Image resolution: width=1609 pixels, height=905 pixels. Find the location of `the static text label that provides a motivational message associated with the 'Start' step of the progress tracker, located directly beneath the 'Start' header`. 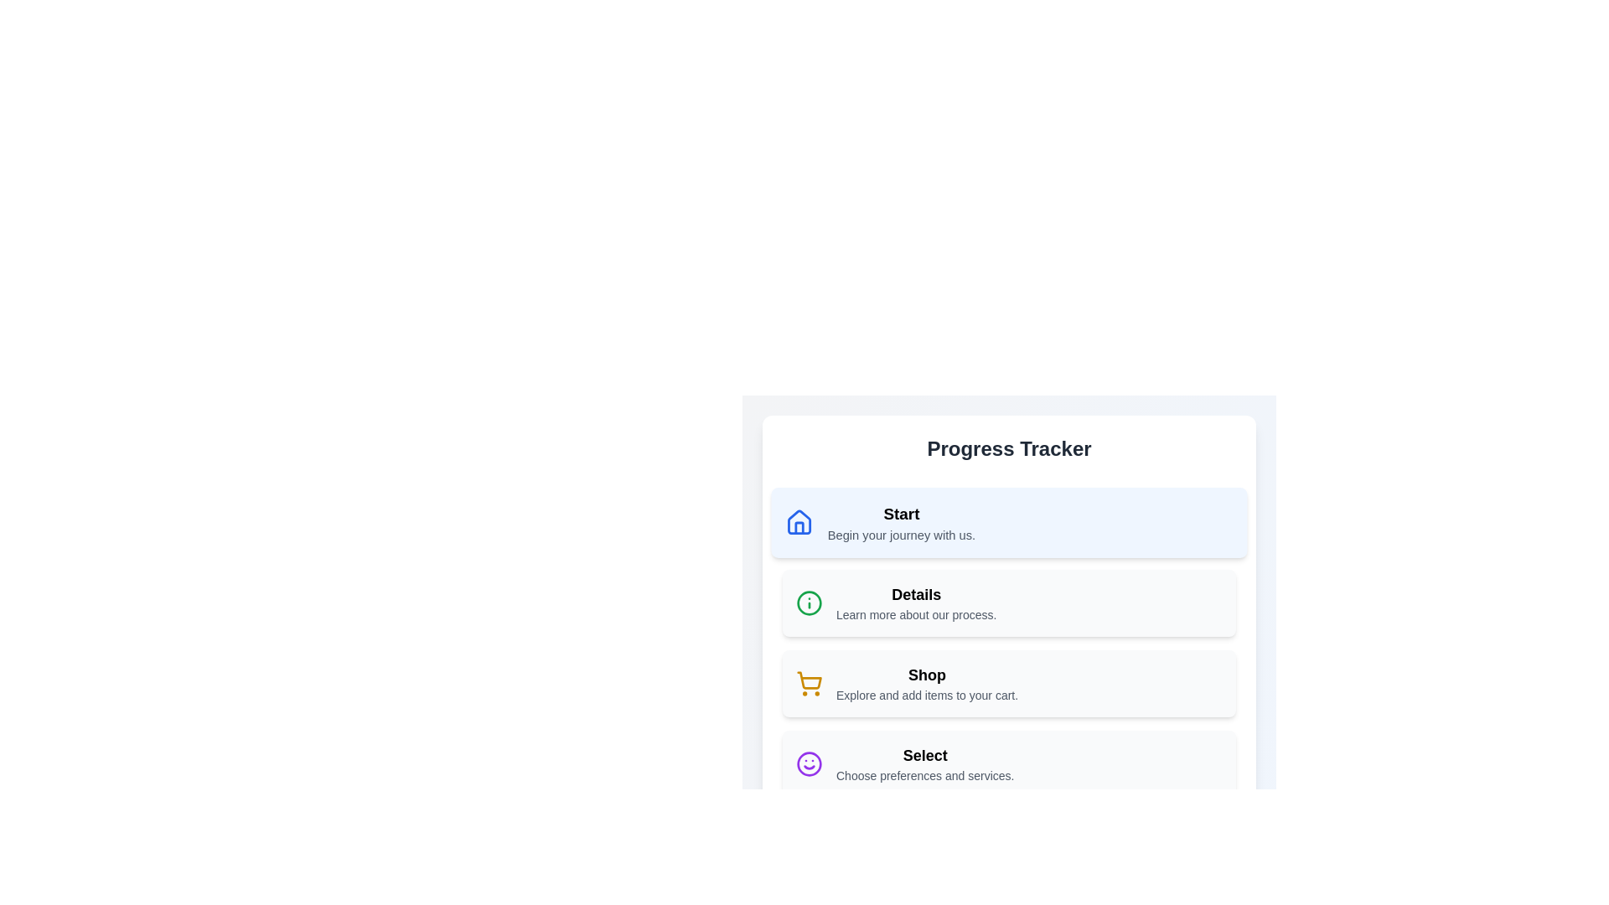

the static text label that provides a motivational message associated with the 'Start' step of the progress tracker, located directly beneath the 'Start' header is located at coordinates (900, 535).